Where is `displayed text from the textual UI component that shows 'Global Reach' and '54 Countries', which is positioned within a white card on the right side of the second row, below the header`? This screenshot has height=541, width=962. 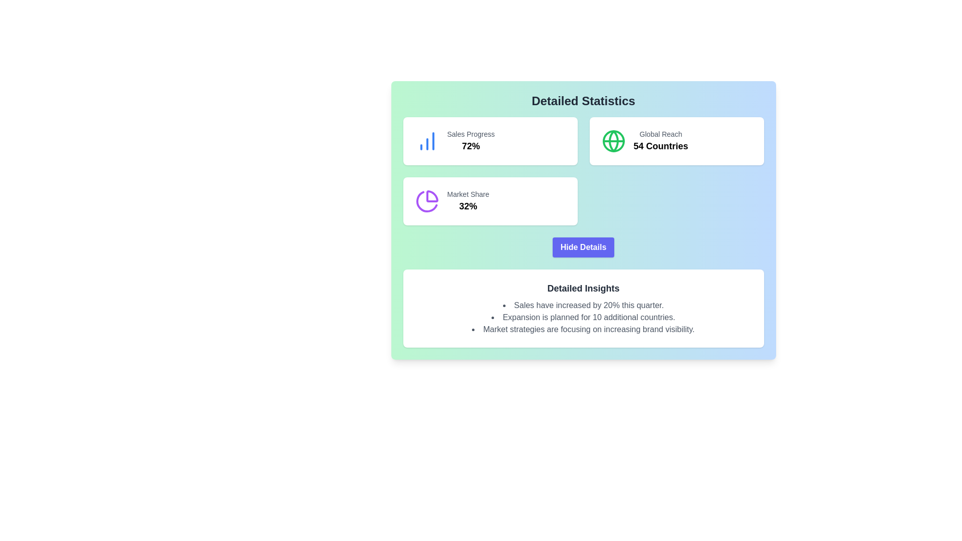 displayed text from the textual UI component that shows 'Global Reach' and '54 Countries', which is positioned within a white card on the right side of the second row, below the header is located at coordinates (661, 141).